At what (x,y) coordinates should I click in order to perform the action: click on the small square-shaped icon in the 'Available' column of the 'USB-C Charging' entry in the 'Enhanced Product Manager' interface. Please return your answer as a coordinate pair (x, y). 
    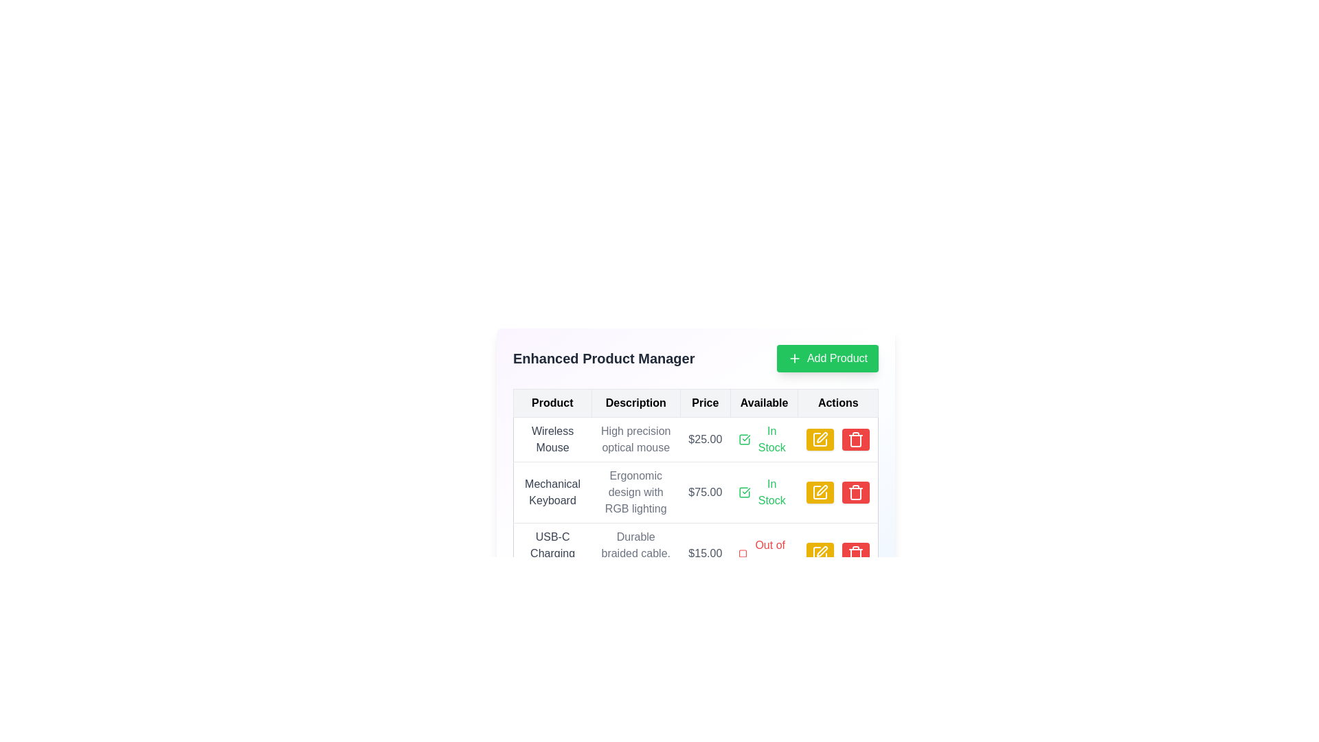
    Looking at the image, I should click on (742, 553).